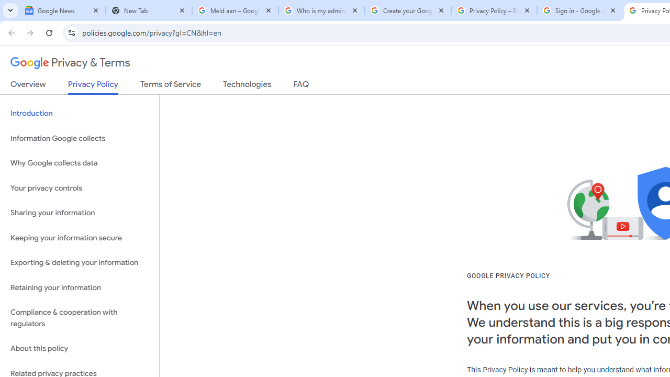  Describe the element at coordinates (79, 318) in the screenshot. I see `'Compliance & cooperation with regulators'` at that location.